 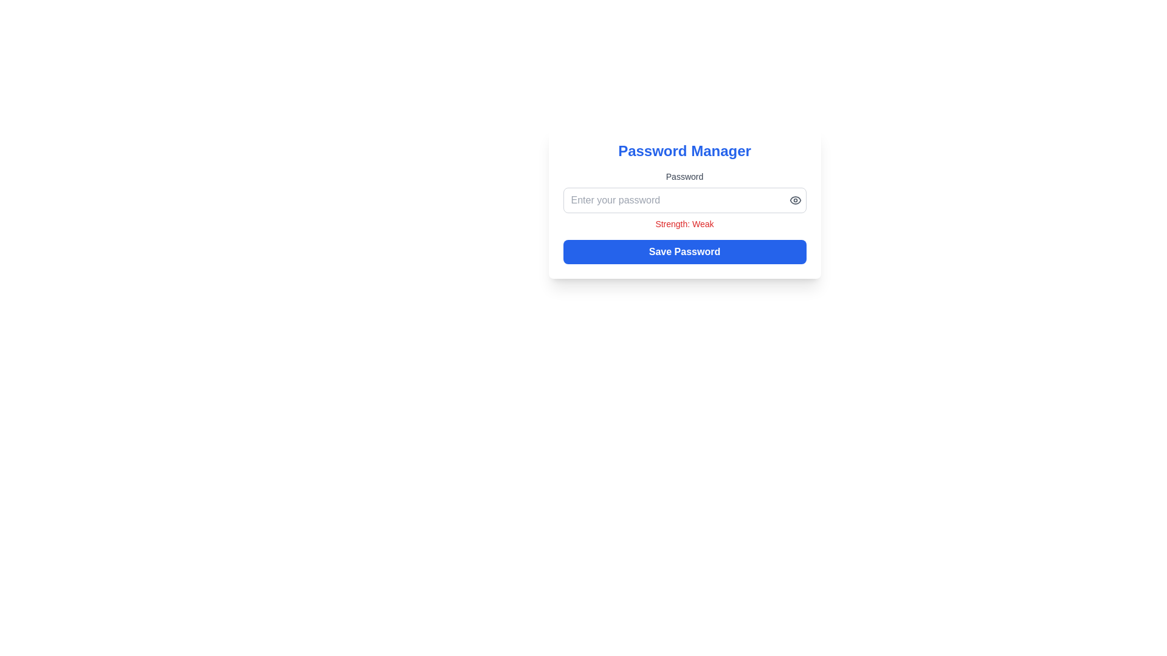 I want to click on the password input field of the 'Password Manager' panel to focus on it, so click(x=684, y=202).